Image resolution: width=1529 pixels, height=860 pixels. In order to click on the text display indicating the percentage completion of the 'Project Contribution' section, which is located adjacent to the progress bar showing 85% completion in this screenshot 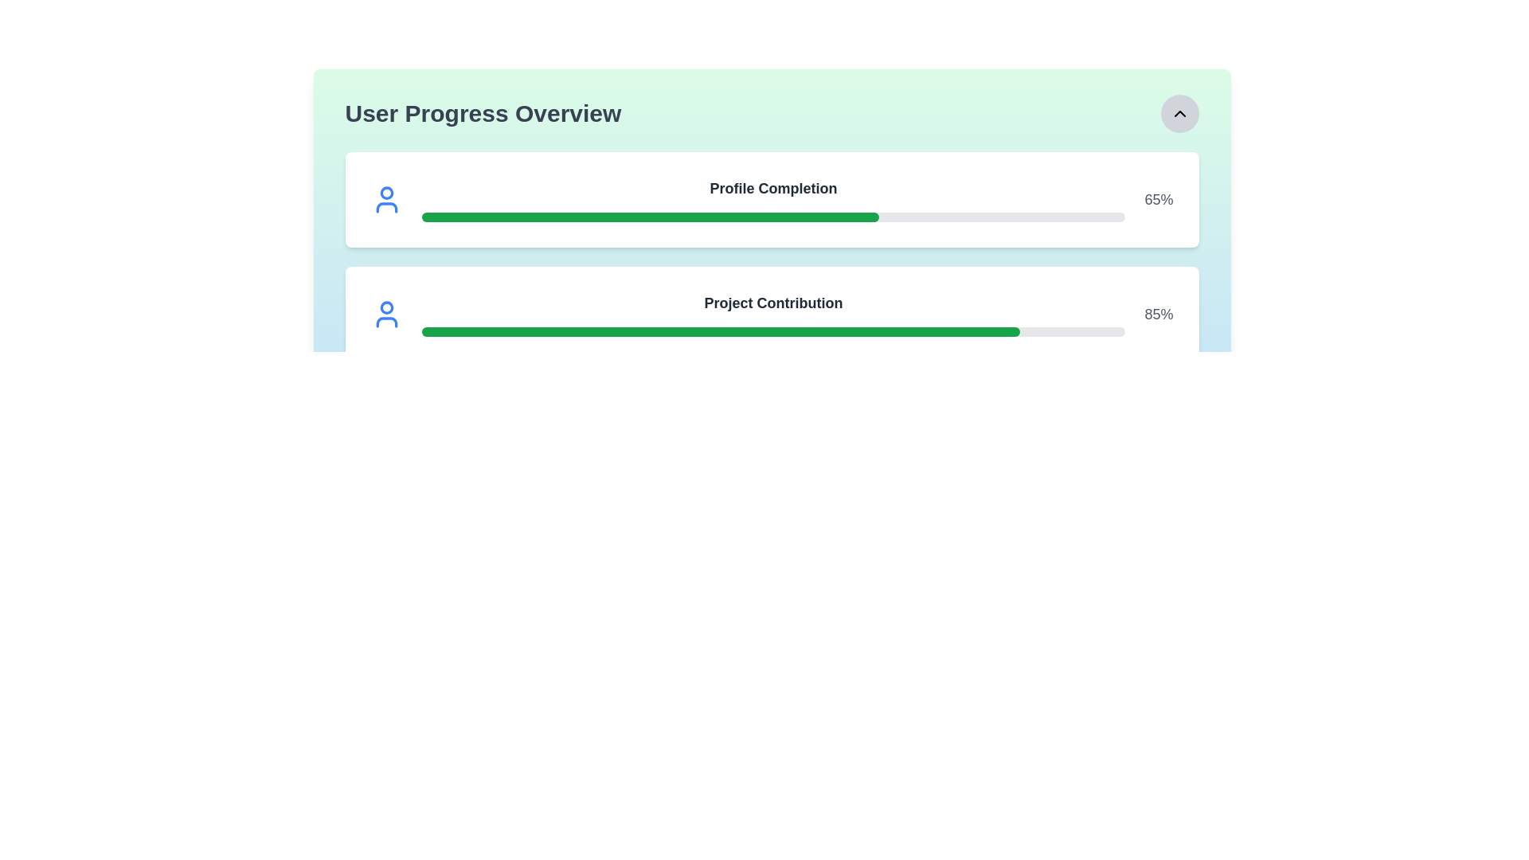, I will do `click(1159, 314)`.